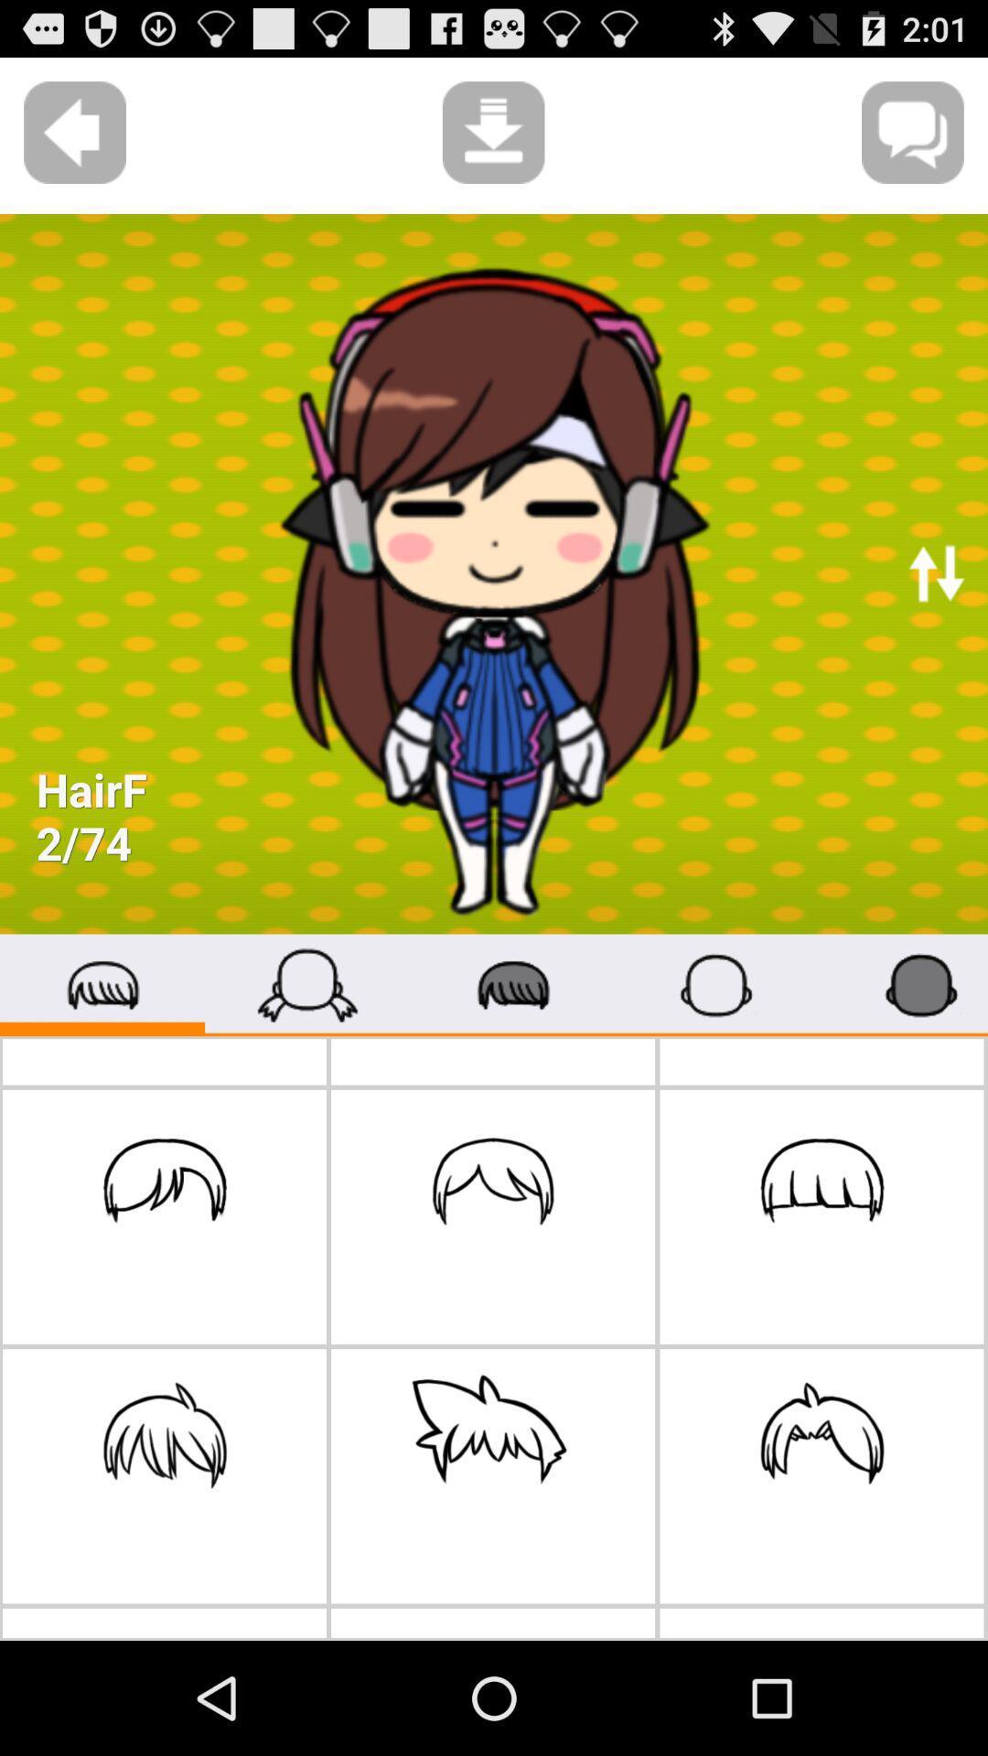  Describe the element at coordinates (165, 1216) in the screenshot. I see `the icon below the first tab on the web page` at that location.